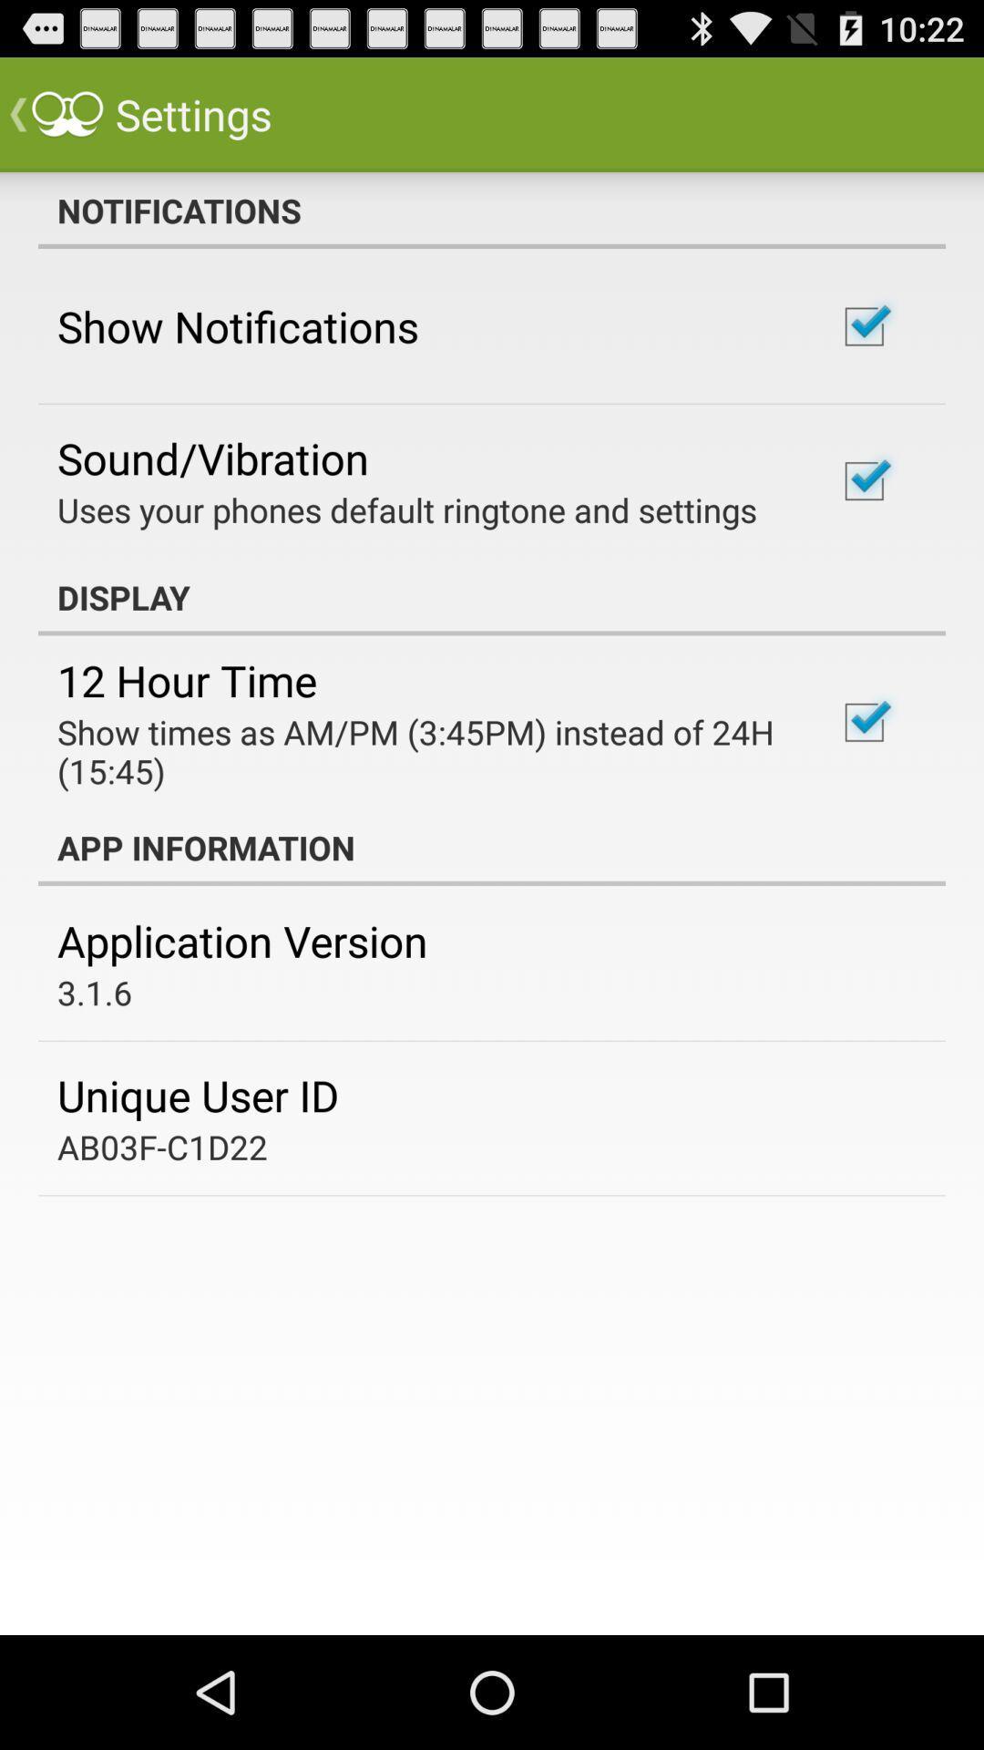  What do you see at coordinates (422, 751) in the screenshot?
I see `the show times as app` at bounding box center [422, 751].